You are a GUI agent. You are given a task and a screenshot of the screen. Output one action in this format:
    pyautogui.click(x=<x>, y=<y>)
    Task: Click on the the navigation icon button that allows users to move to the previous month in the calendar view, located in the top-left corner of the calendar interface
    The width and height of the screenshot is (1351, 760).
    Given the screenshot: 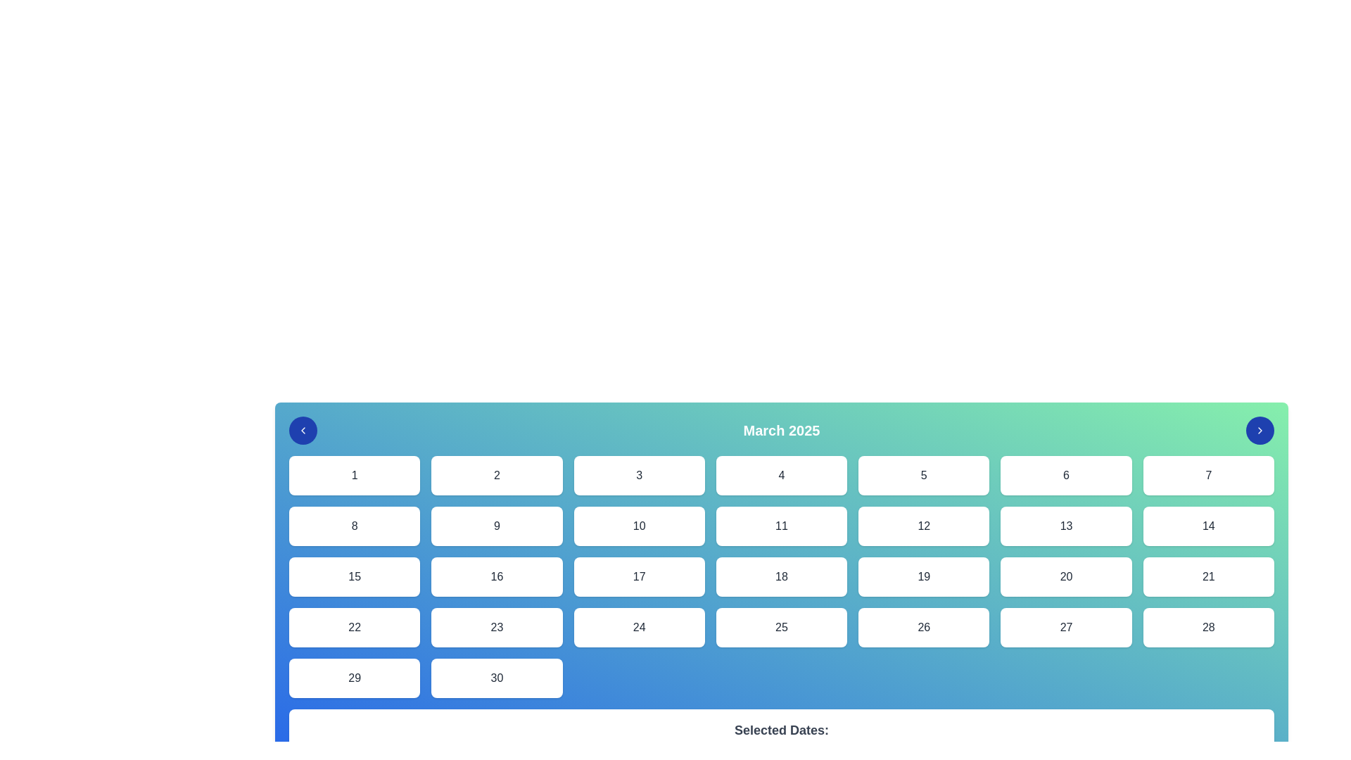 What is the action you would take?
    pyautogui.click(x=303, y=430)
    